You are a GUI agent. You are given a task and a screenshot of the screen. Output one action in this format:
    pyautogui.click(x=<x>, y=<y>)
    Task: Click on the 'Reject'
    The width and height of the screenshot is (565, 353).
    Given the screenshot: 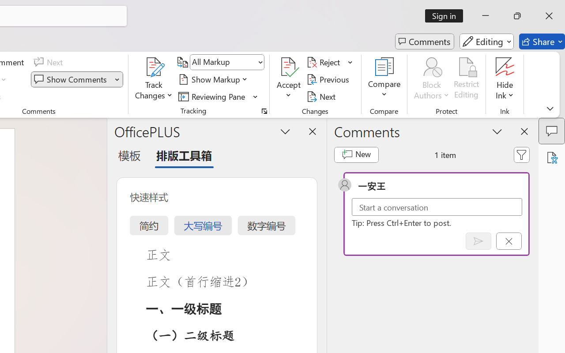 What is the action you would take?
    pyautogui.click(x=329, y=62)
    